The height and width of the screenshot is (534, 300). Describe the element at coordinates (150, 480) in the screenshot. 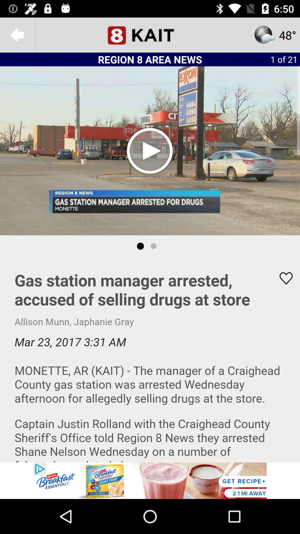

I see `for add` at that location.